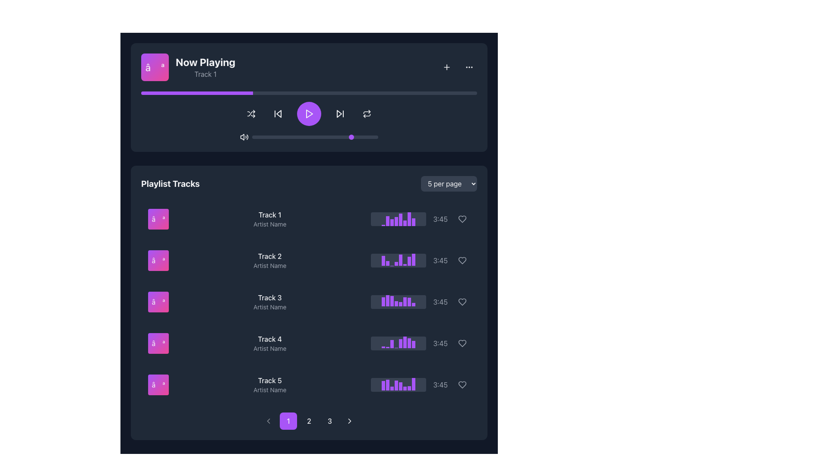 The height and width of the screenshot is (466, 829). What do you see at coordinates (440, 343) in the screenshot?
I see `the text label indicating the duration or time of the associated playlist item, located in the playlist section to the right of the fourth track's progress visualization` at bounding box center [440, 343].